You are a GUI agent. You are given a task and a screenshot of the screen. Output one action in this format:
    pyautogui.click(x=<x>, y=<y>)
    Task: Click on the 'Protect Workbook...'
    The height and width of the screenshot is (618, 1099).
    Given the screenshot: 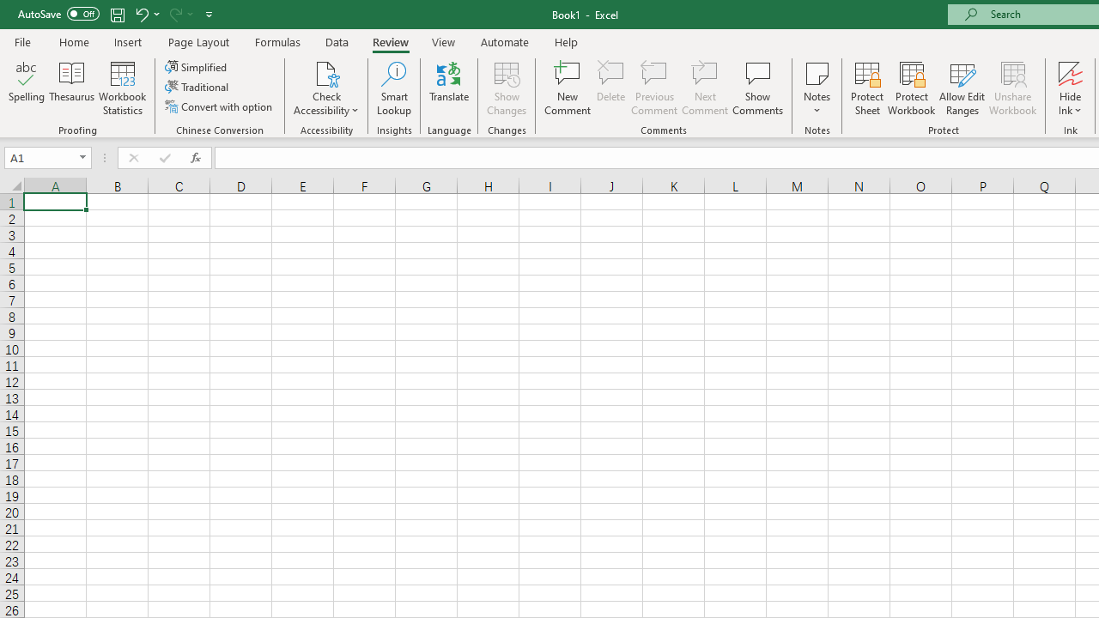 What is the action you would take?
    pyautogui.click(x=910, y=88)
    